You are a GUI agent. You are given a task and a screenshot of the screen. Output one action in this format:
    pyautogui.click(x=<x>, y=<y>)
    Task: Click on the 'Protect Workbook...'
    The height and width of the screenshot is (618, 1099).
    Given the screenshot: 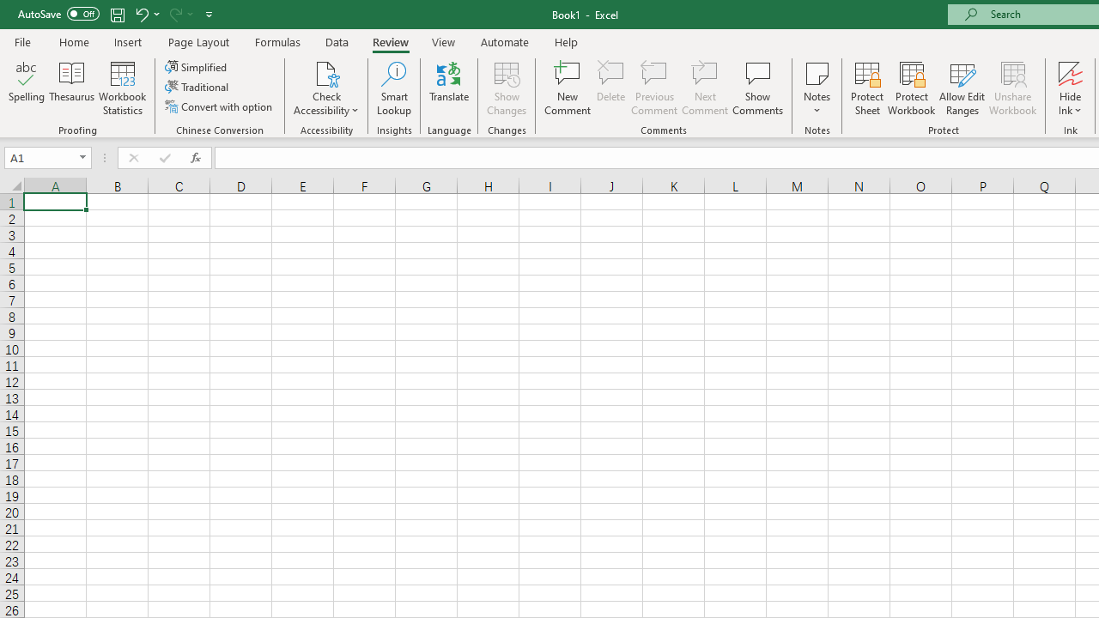 What is the action you would take?
    pyautogui.click(x=910, y=88)
    